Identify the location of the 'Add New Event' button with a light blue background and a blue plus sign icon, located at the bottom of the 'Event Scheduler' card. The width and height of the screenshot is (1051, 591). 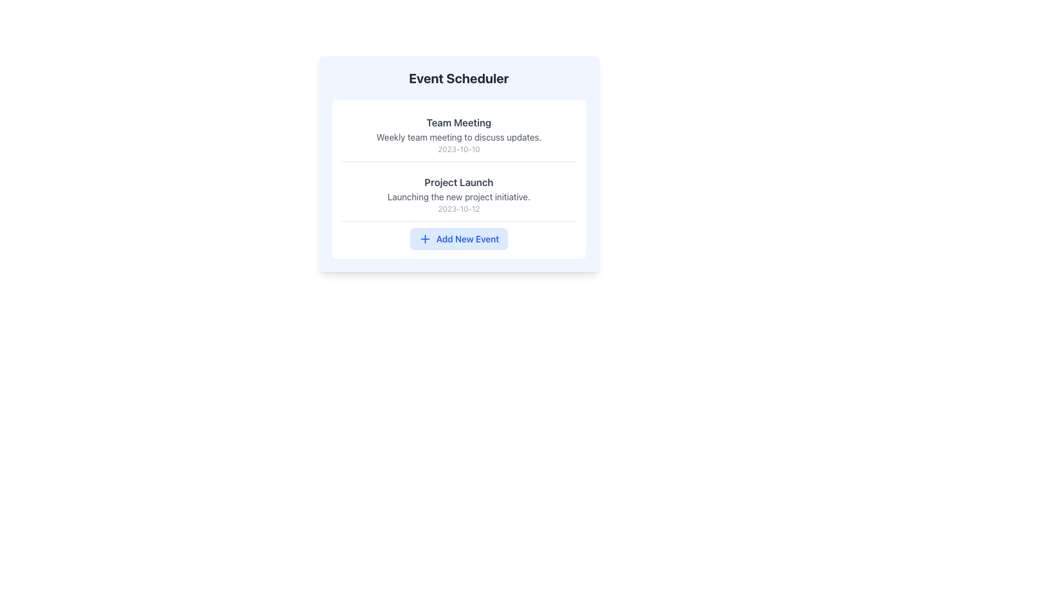
(459, 238).